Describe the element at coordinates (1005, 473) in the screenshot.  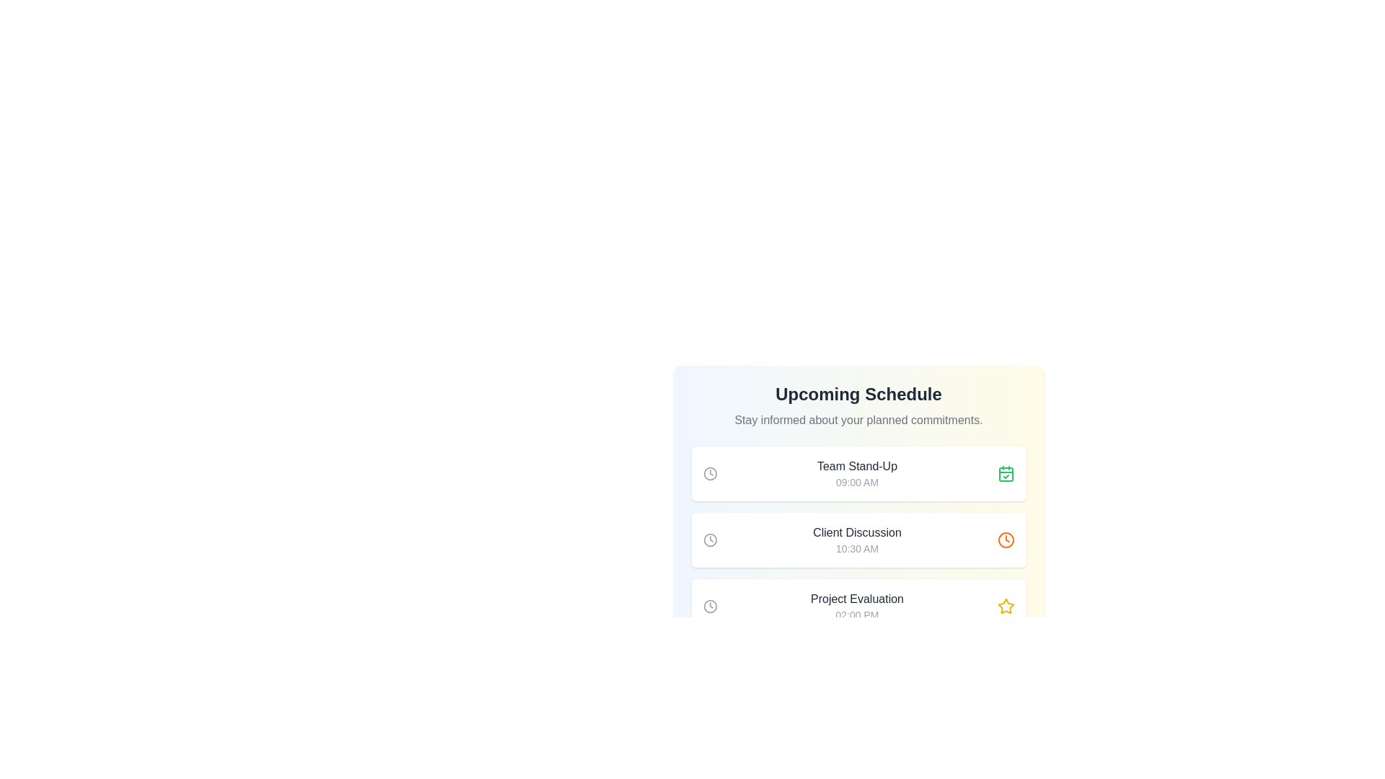
I see `the calendar icon with a green outline and a check mark inside, located at the far right of the 'Team Stand-Up' meeting card` at that location.